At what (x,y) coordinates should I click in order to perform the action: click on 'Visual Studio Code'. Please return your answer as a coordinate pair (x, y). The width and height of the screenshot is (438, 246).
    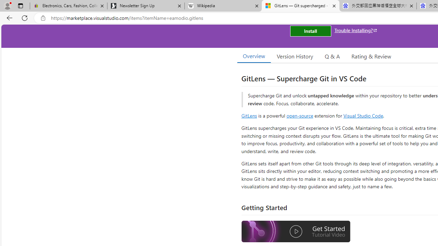
    Looking at the image, I should click on (363, 115).